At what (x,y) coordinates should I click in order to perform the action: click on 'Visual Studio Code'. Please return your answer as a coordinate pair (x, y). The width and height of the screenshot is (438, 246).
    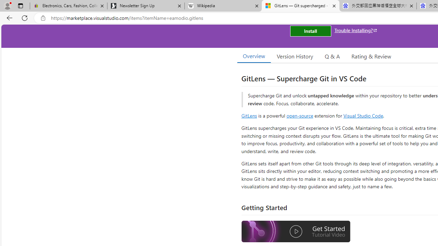
    Looking at the image, I should click on (363, 115).